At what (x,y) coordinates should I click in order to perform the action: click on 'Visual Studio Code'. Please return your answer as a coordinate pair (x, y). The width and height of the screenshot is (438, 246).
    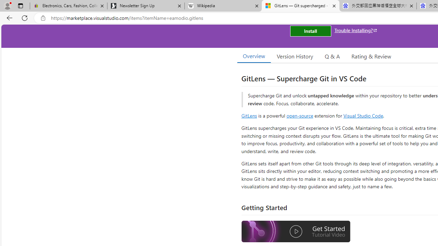
    Looking at the image, I should click on (363, 115).